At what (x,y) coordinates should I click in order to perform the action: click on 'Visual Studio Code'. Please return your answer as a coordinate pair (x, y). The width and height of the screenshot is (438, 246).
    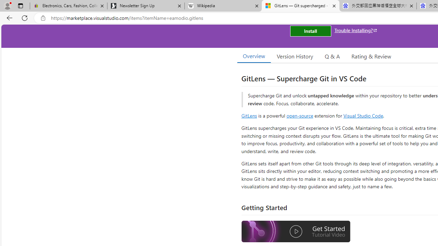
    Looking at the image, I should click on (363, 115).